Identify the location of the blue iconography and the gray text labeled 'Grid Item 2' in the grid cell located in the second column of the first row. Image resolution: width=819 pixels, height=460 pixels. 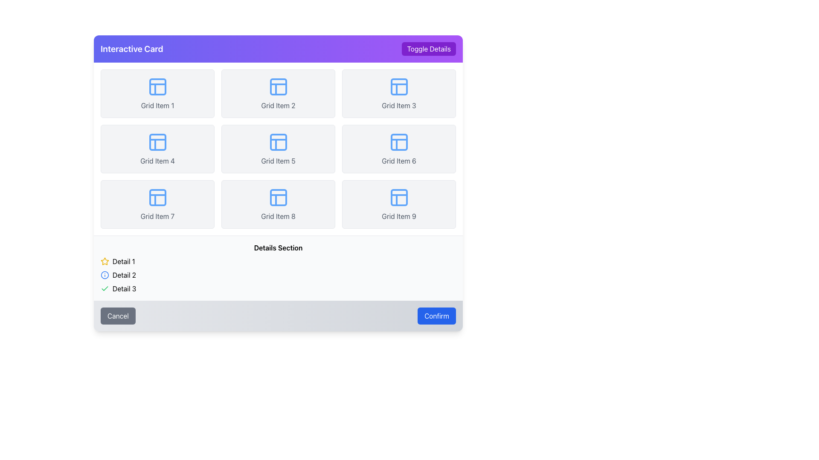
(278, 93).